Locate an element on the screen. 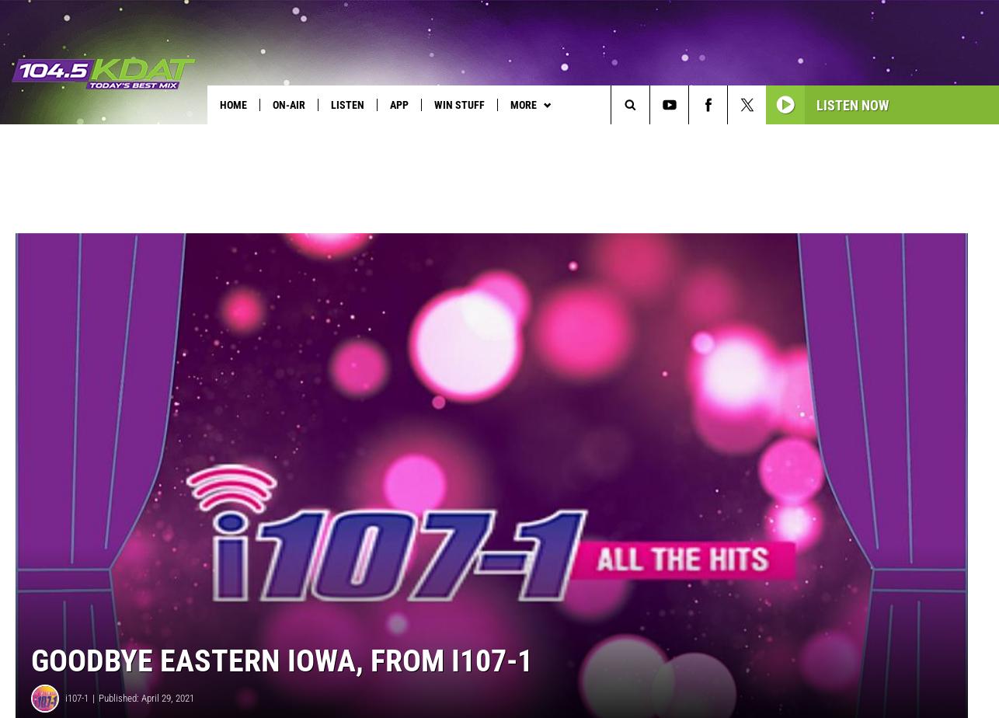 This screenshot has width=999, height=718. 'What's Hot:' is located at coordinates (40, 137).